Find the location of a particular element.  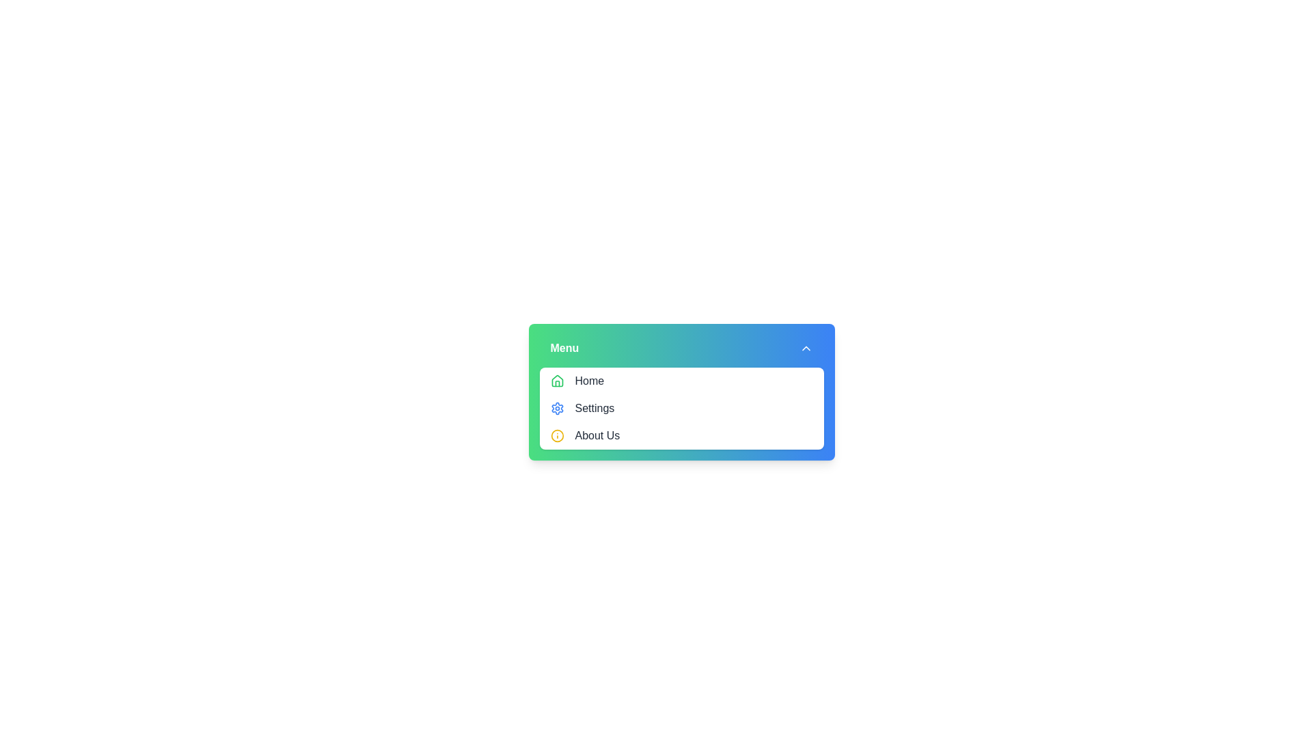

the menu header to toggle the dropdown visibility is located at coordinates (681, 347).